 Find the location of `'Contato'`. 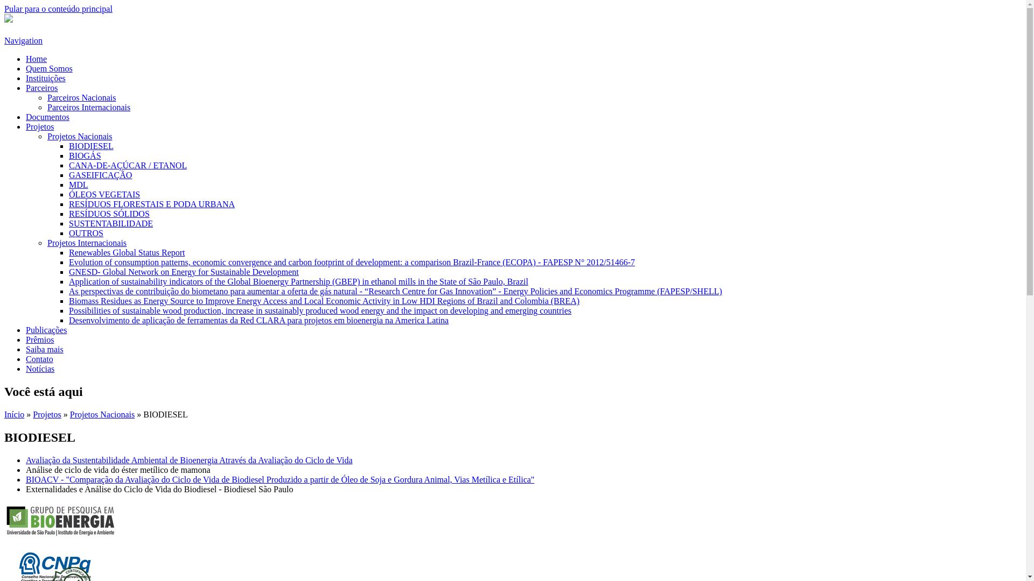

'Contato' is located at coordinates (39, 359).